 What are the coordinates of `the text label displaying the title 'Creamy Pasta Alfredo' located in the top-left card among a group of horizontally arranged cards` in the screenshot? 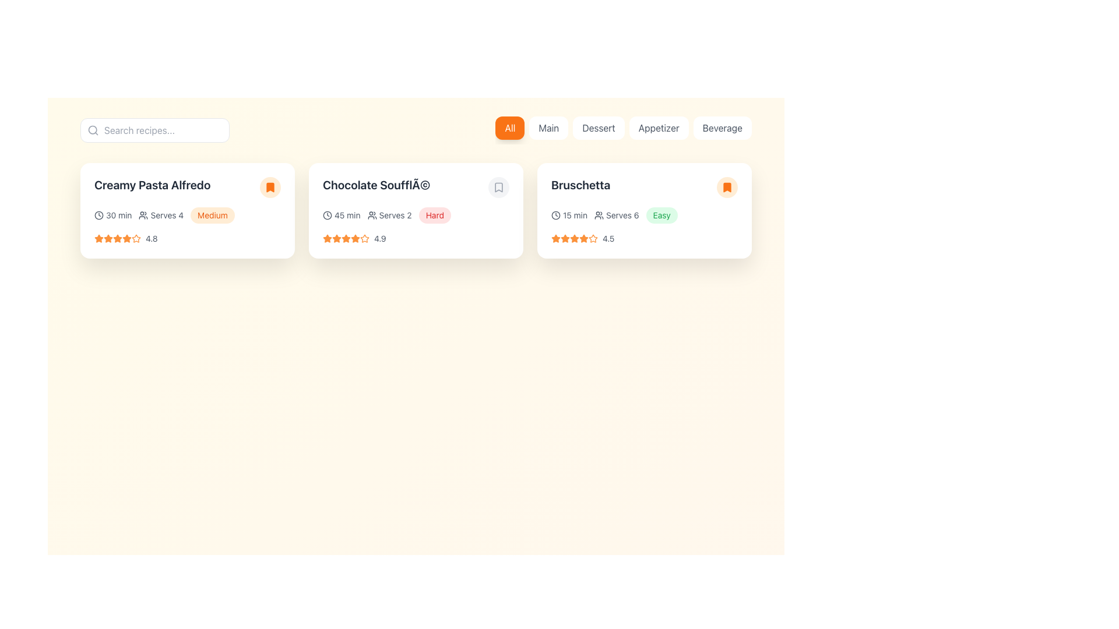 It's located at (187, 186).